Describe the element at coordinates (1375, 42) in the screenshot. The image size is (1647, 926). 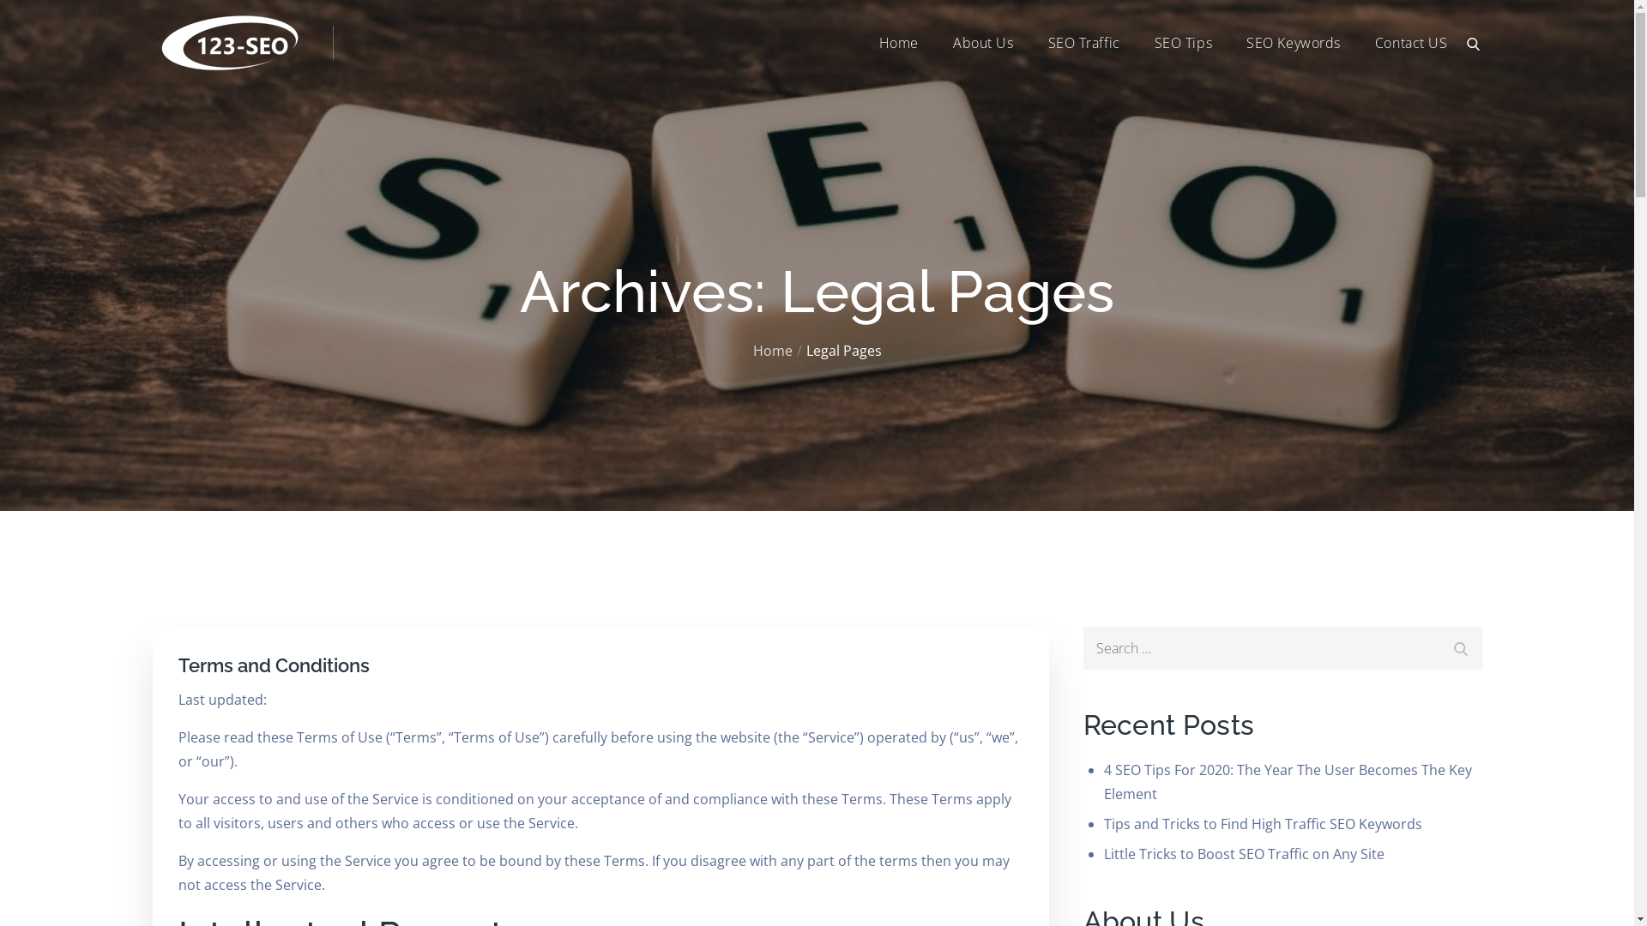
I see `'Contact US'` at that location.